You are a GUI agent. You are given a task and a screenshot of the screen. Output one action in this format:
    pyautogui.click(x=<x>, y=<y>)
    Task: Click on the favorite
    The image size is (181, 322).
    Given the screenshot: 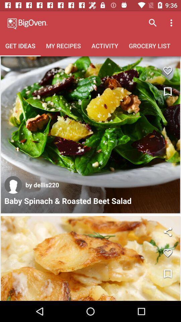 What is the action you would take?
    pyautogui.click(x=167, y=253)
    